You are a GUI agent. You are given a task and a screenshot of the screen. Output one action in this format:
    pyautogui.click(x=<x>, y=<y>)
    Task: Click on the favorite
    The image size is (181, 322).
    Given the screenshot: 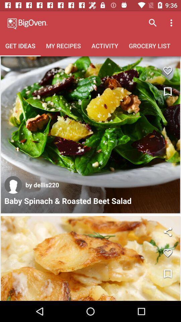 What is the action you would take?
    pyautogui.click(x=167, y=253)
    